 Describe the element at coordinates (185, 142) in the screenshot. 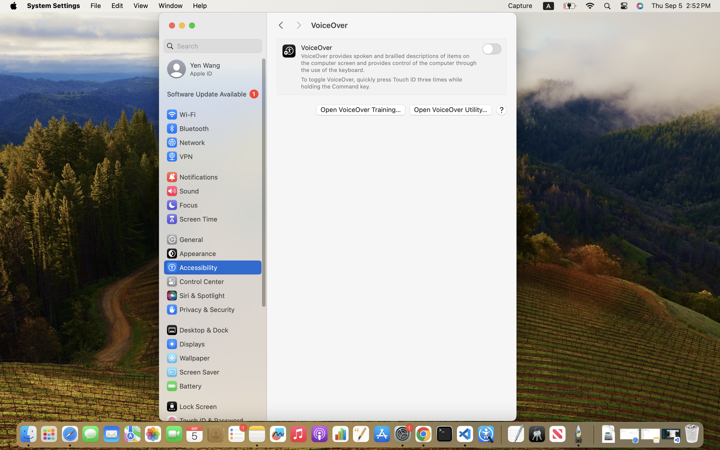

I see `'Network'` at that location.